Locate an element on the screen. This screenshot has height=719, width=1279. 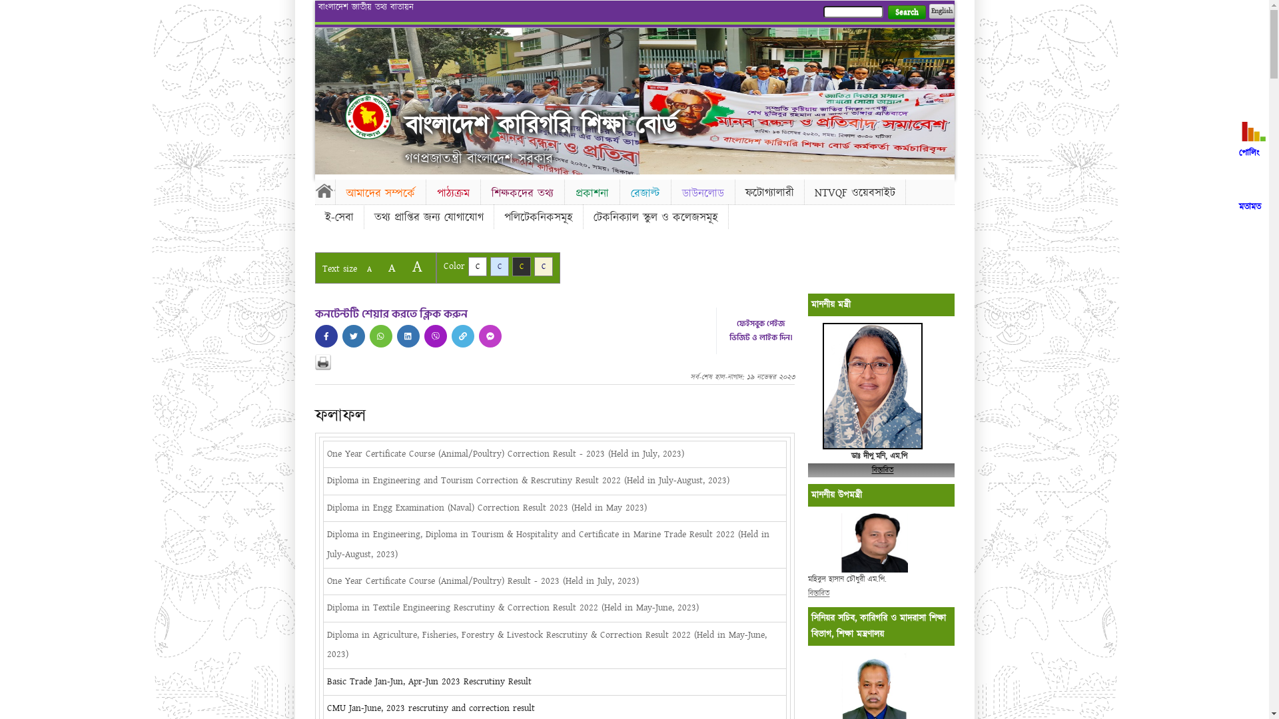
'C' is located at coordinates (498, 266).